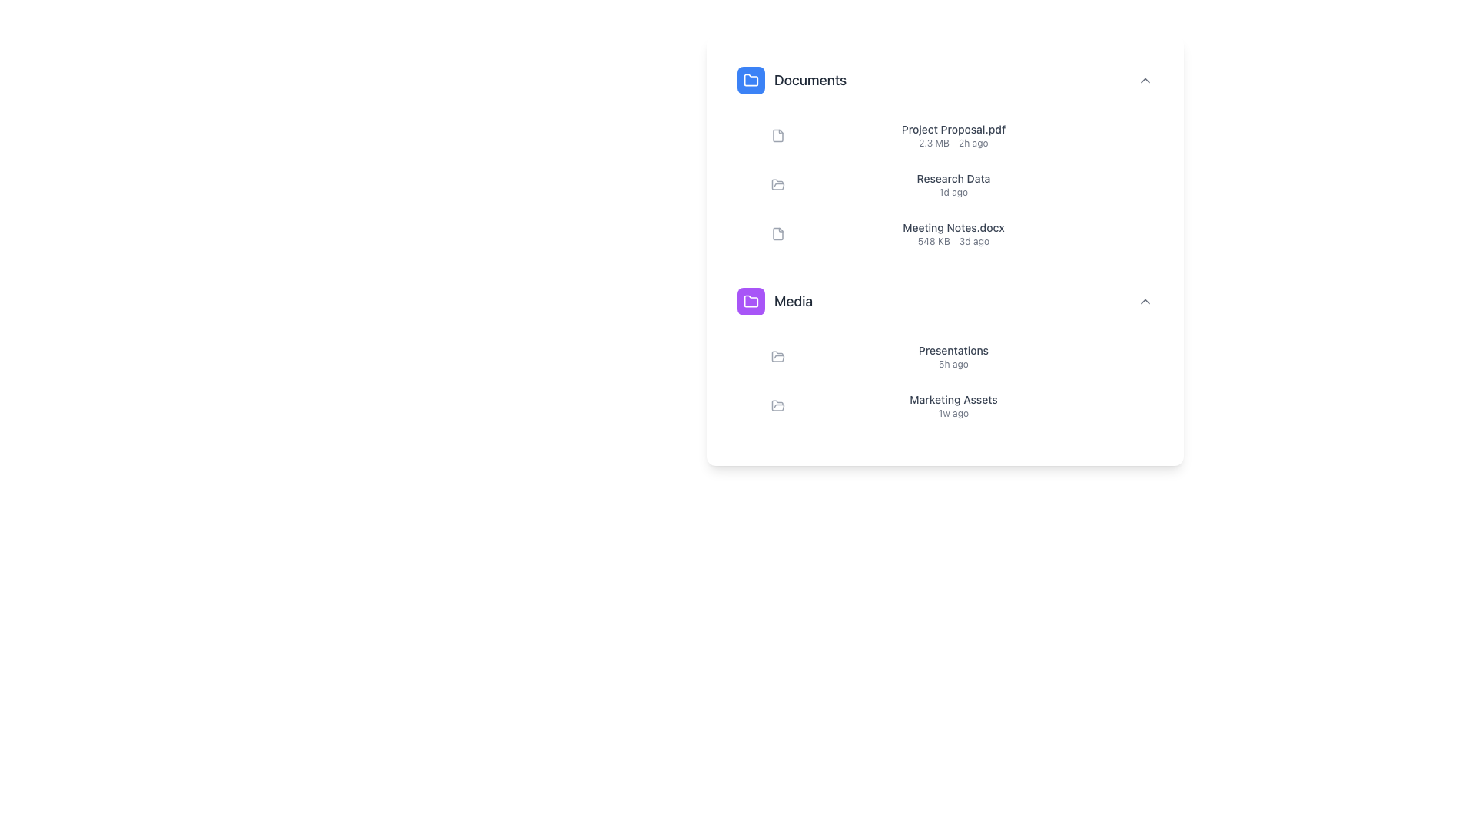  I want to click on to select the list item labeled 'Research Data' located in the 'Documents' section, which displays two lines of text and a folder icon, so click(963, 183).